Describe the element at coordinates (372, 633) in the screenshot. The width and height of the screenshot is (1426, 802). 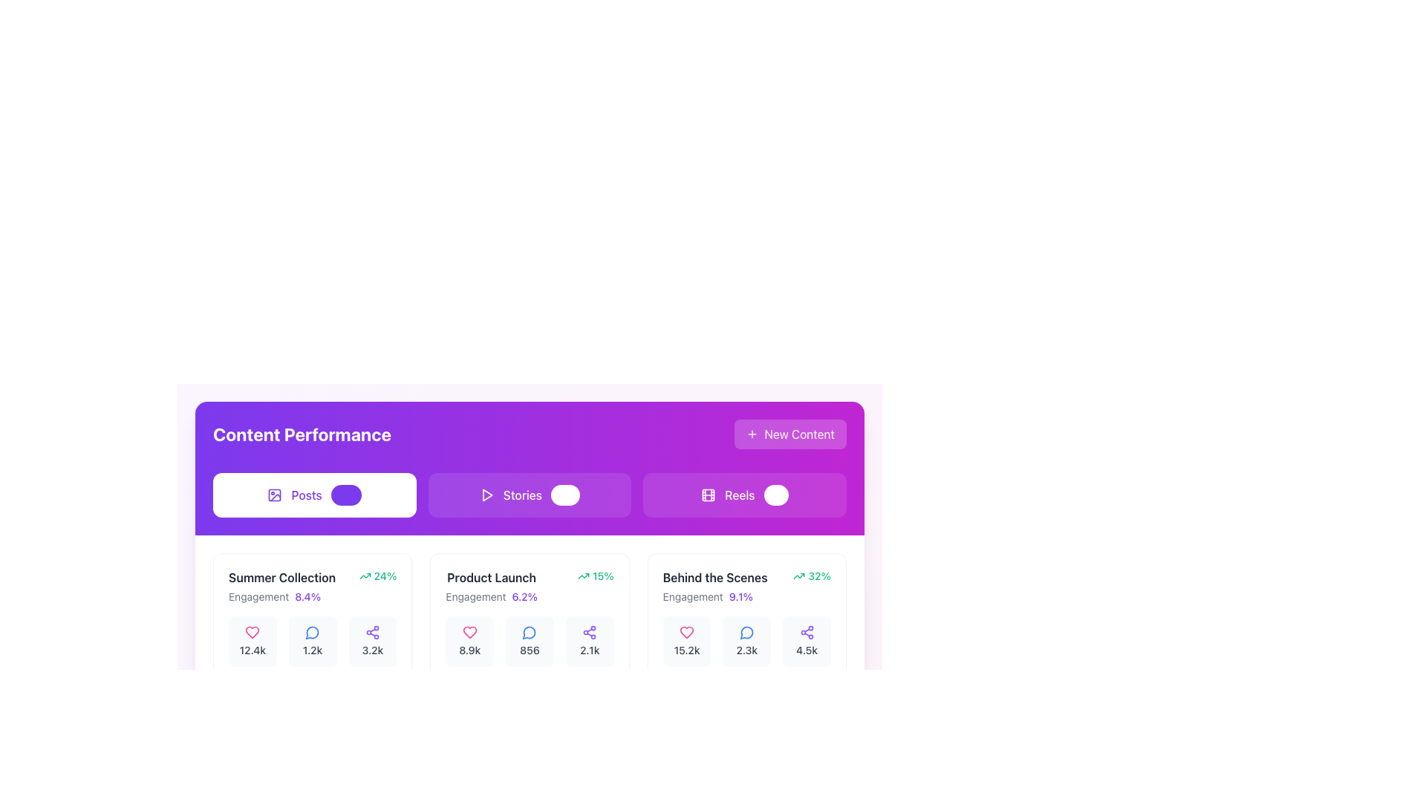
I see `the violet share icon, which is represented by three circular nodes connected by two lines in a triangular arrangement, to share the content` at that location.